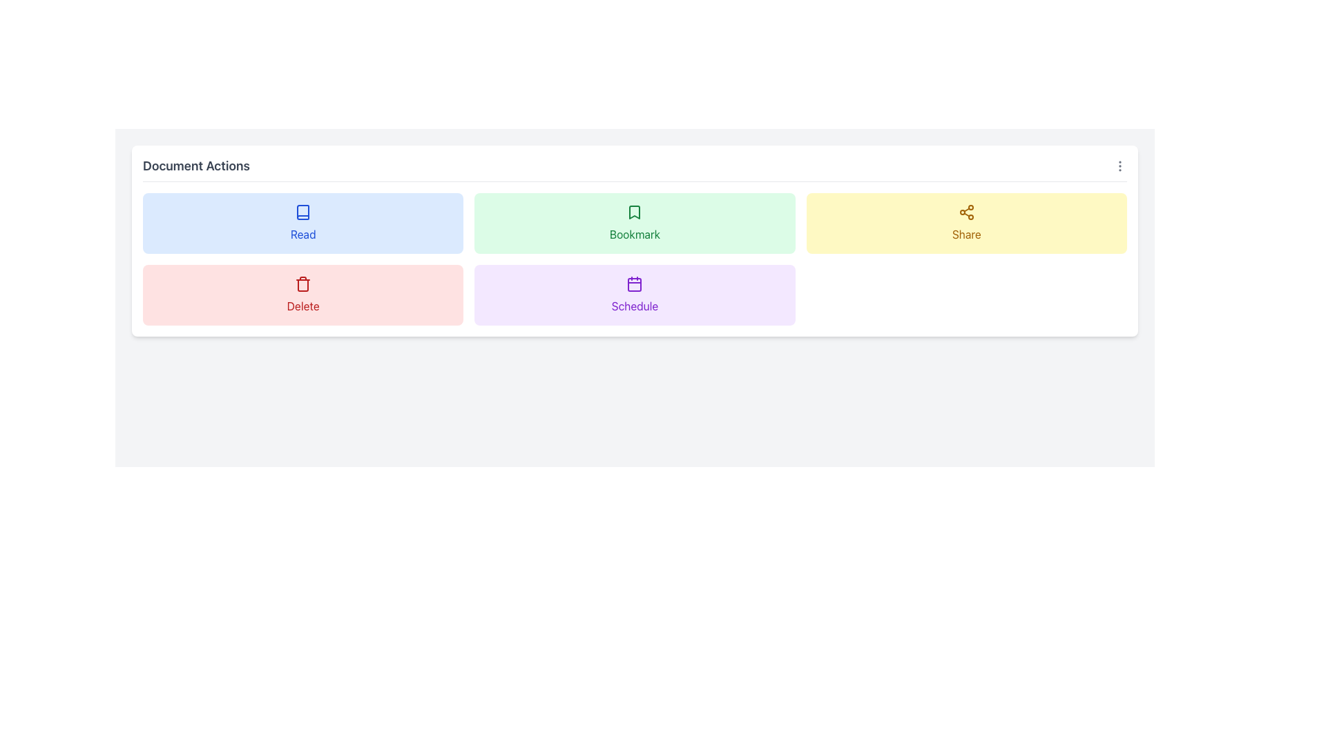 Image resolution: width=1326 pixels, height=745 pixels. I want to click on the bookmarking icon located at the center of the 'Bookmark' button, which is the middle button in the top row of a grid containing six buttons, so click(634, 212).